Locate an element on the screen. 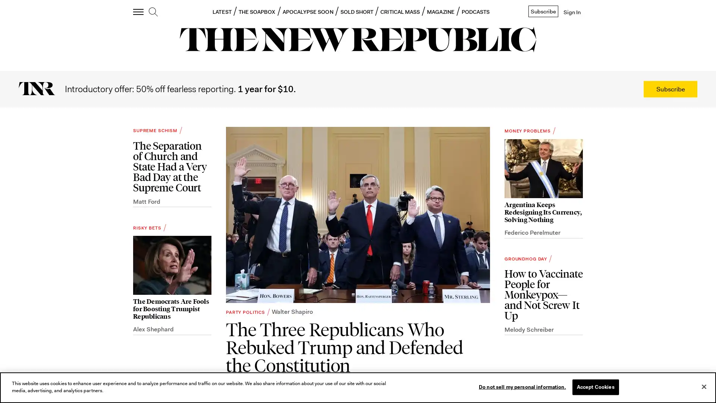 This screenshot has height=403, width=716. Sign In is located at coordinates (571, 12).